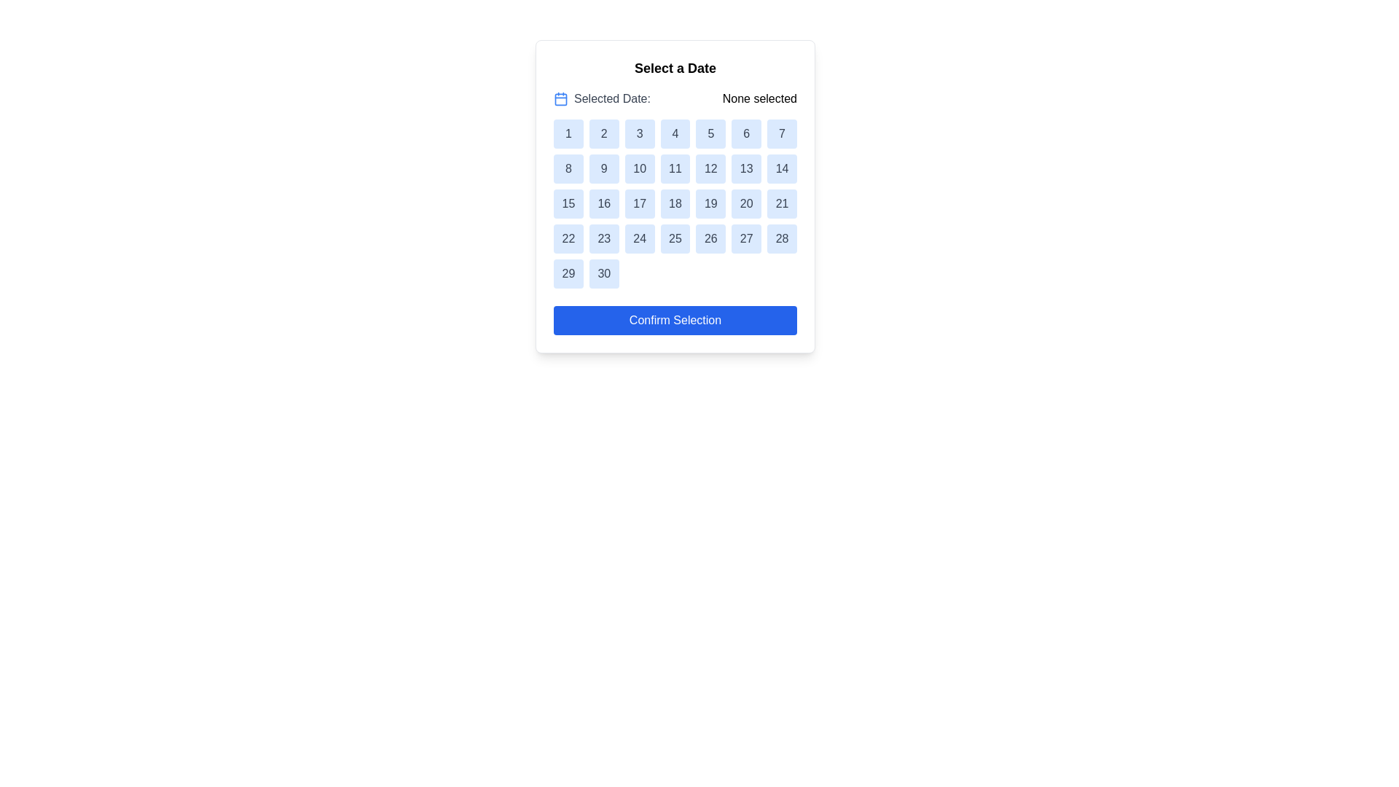 The height and width of the screenshot is (787, 1399). I want to click on the title text of the date selection interface, which is positioned at the top of a bordered box with rounded corners above the calendar layout, so click(674, 68).